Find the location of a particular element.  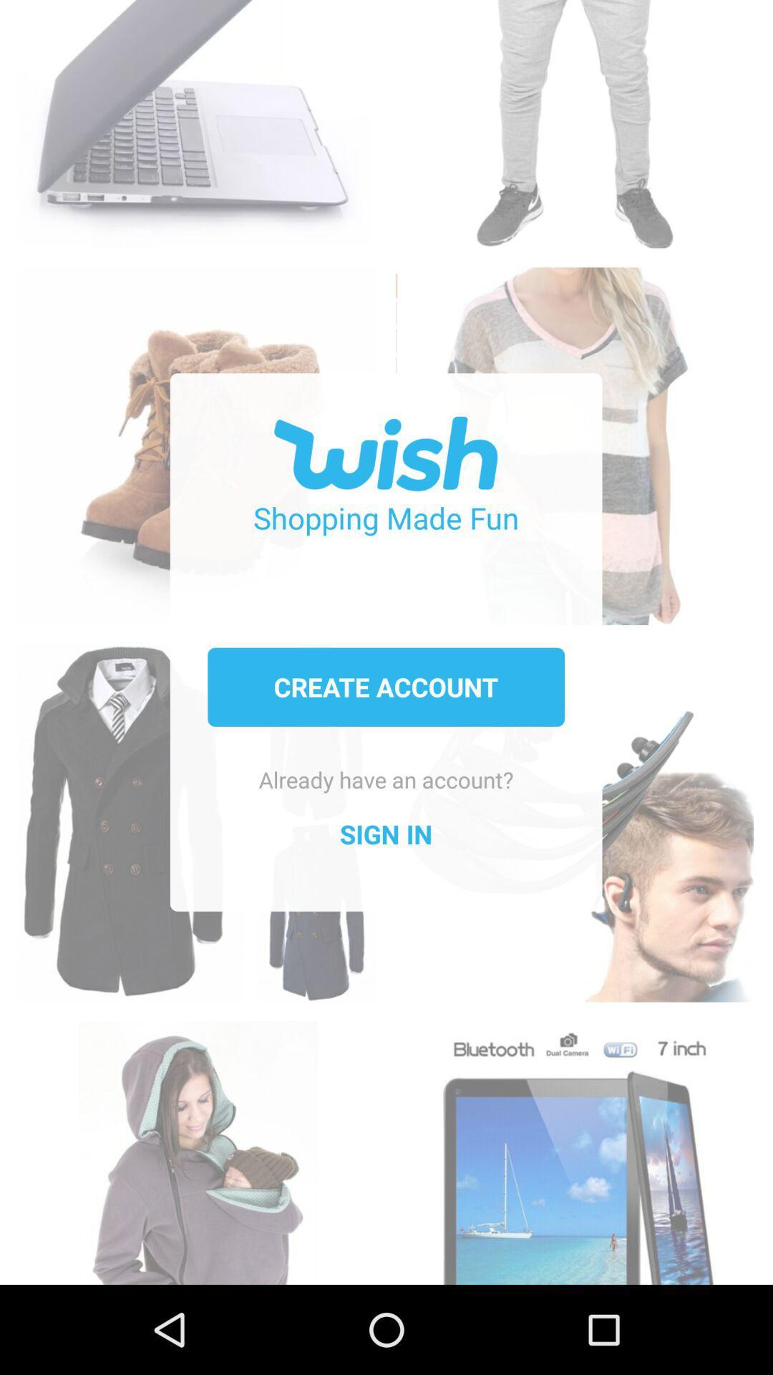

item below already have an is located at coordinates (385, 834).